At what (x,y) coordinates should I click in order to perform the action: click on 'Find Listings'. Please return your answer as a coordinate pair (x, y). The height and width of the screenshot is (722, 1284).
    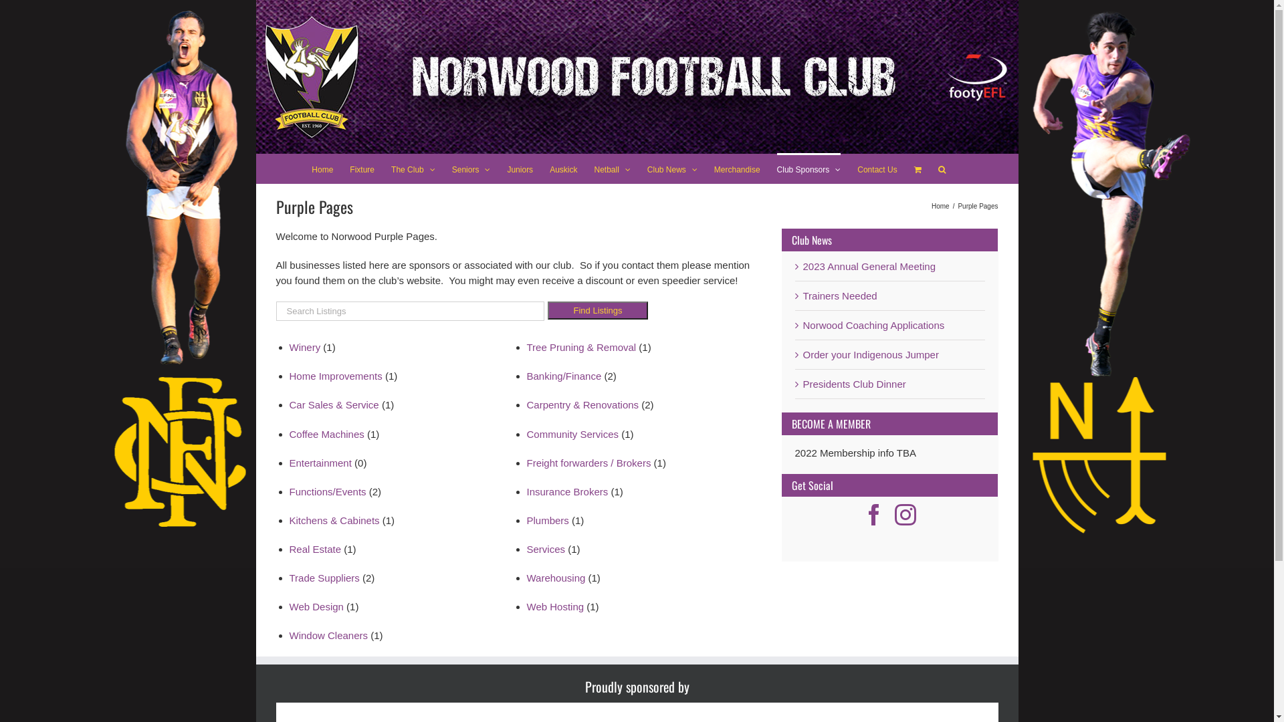
    Looking at the image, I should click on (597, 310).